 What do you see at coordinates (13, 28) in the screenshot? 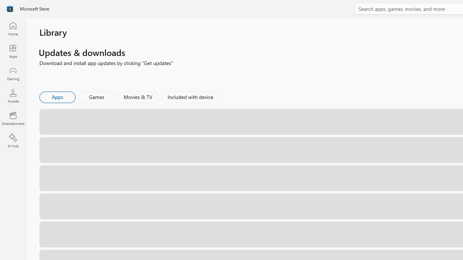
I see `'Home'` at bounding box center [13, 28].